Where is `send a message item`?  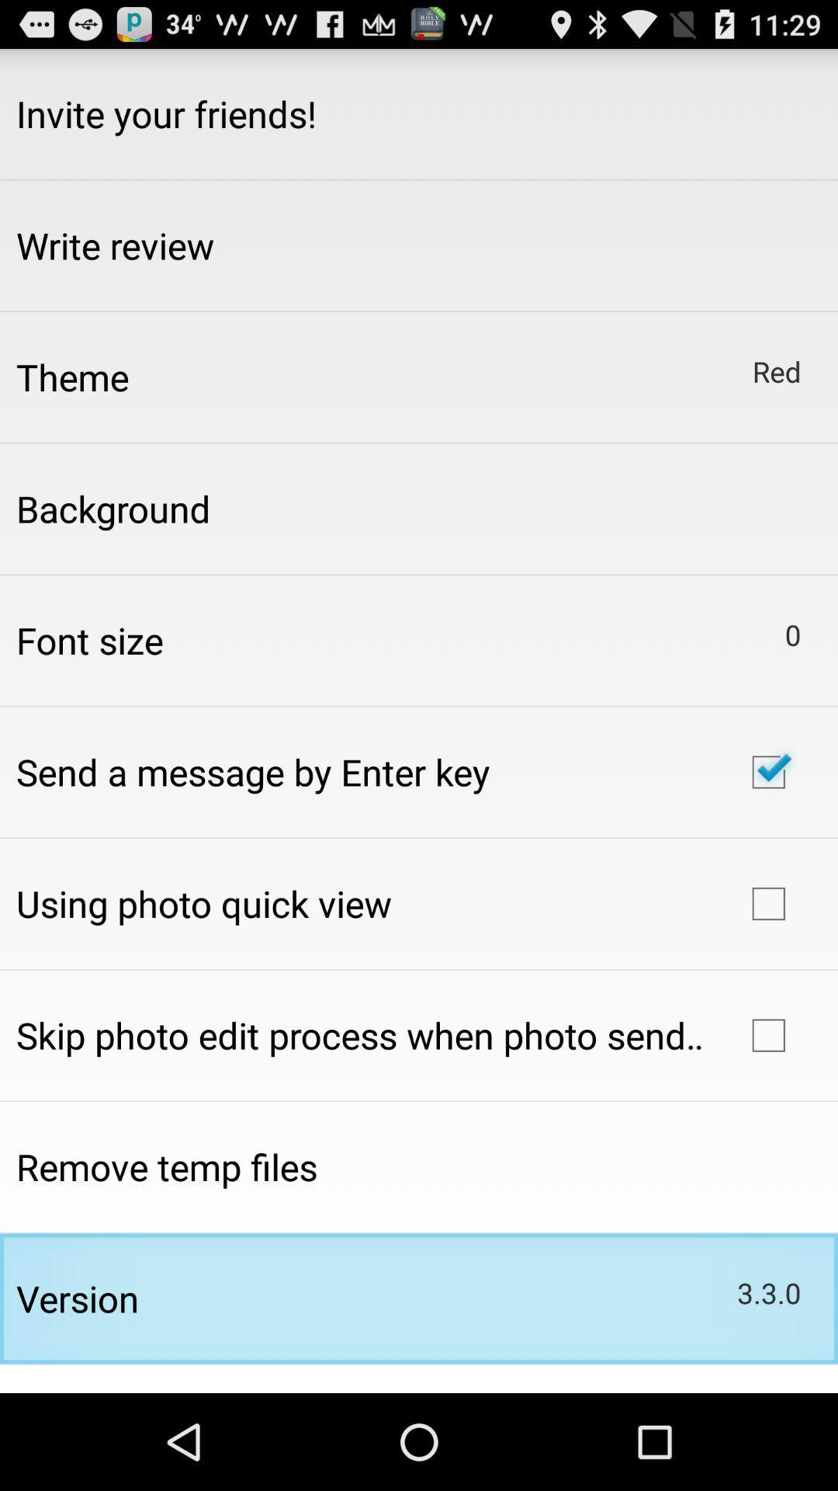
send a message item is located at coordinates (252, 772).